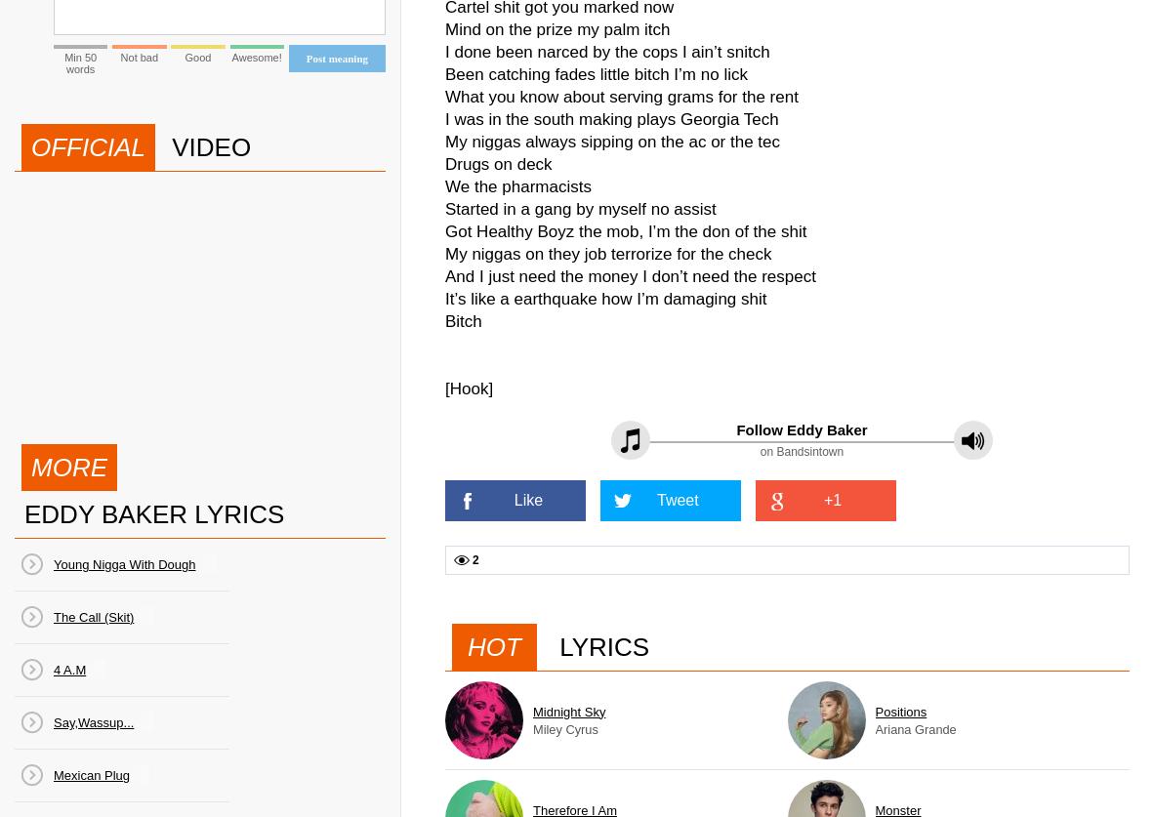  Describe the element at coordinates (444, 208) in the screenshot. I see `'Started in a gang by myself no assist'` at that location.